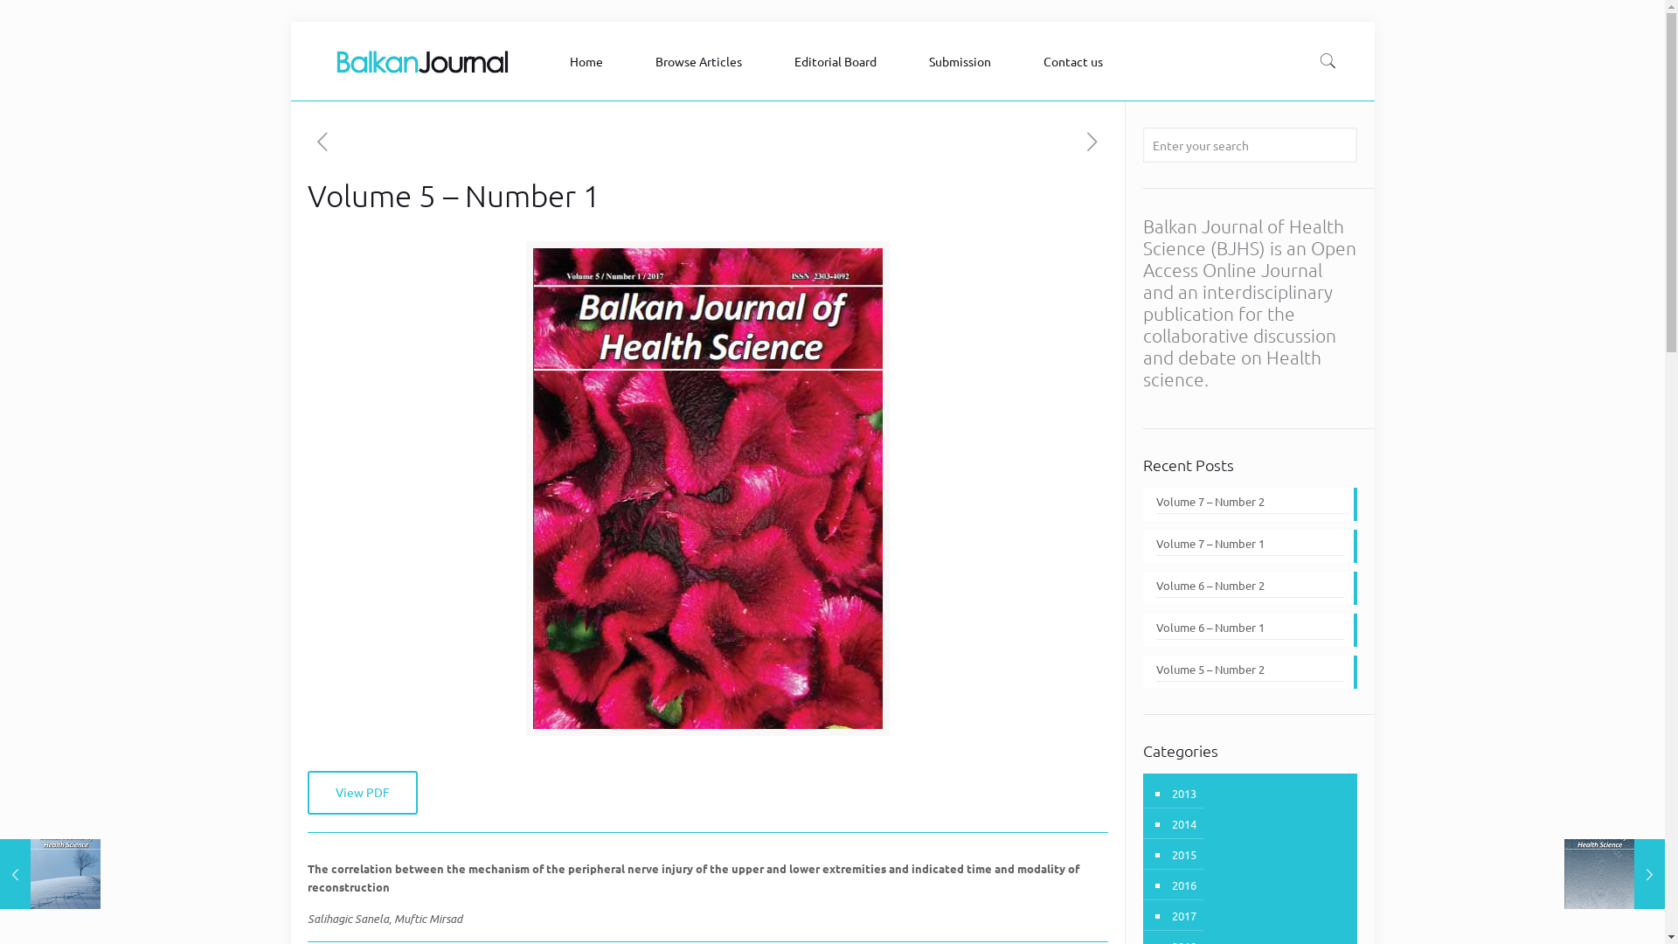  I want to click on '2016', so click(1169, 885).